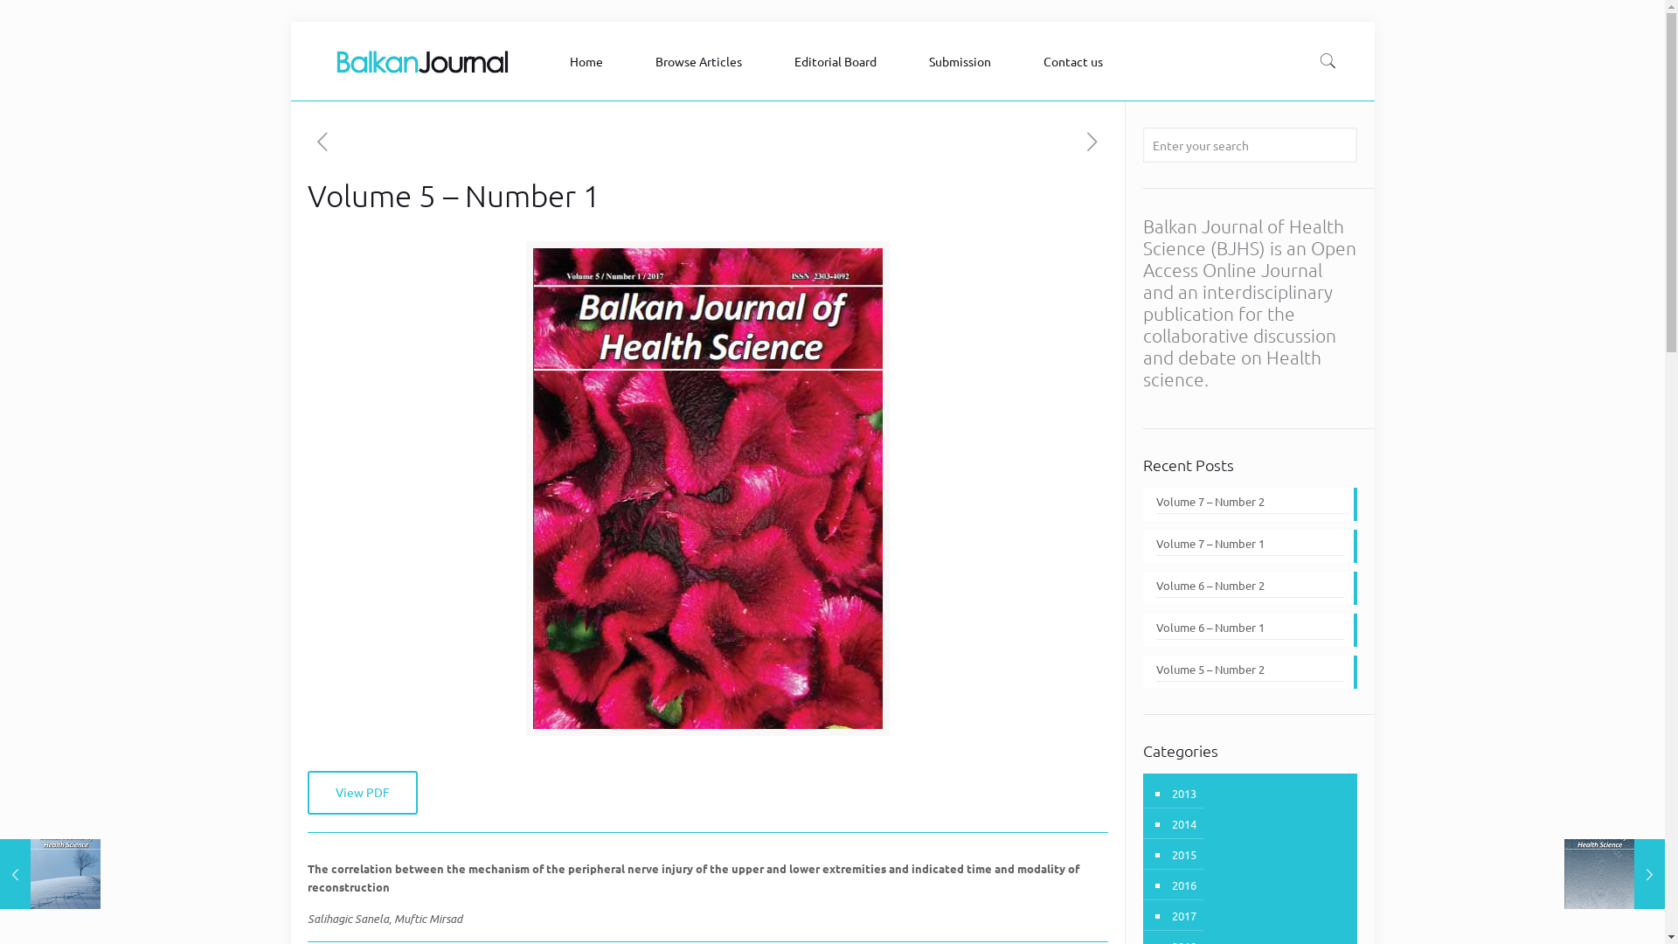  I want to click on '2016', so click(1169, 885).